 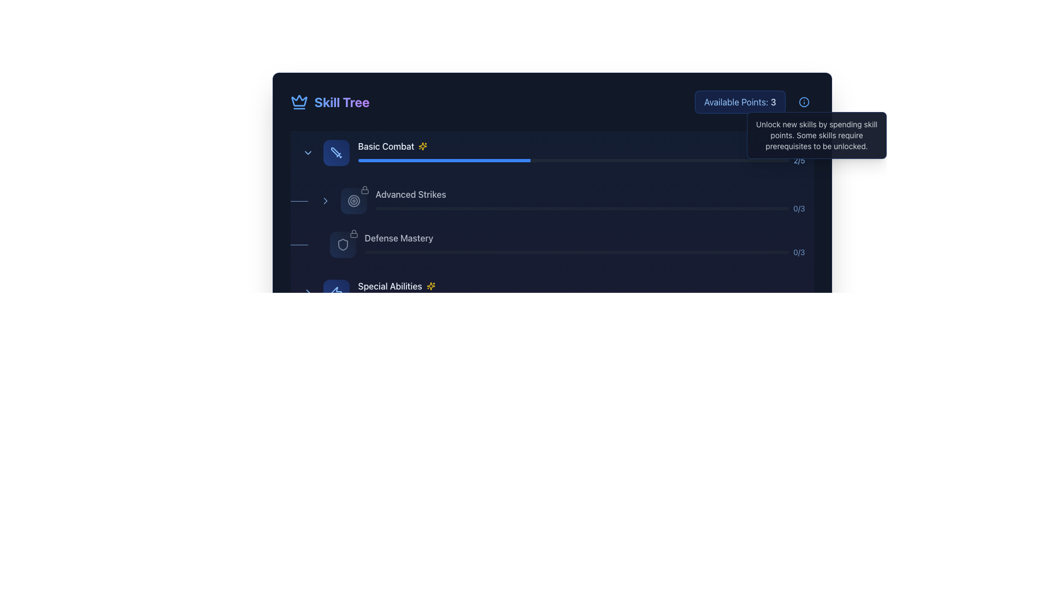 What do you see at coordinates (342, 244) in the screenshot?
I see `the Defense Mastery skill icon located in the skill tree, which is represented by a shield icon next to the text 'Defense Mastery' in the third row of the list` at bounding box center [342, 244].